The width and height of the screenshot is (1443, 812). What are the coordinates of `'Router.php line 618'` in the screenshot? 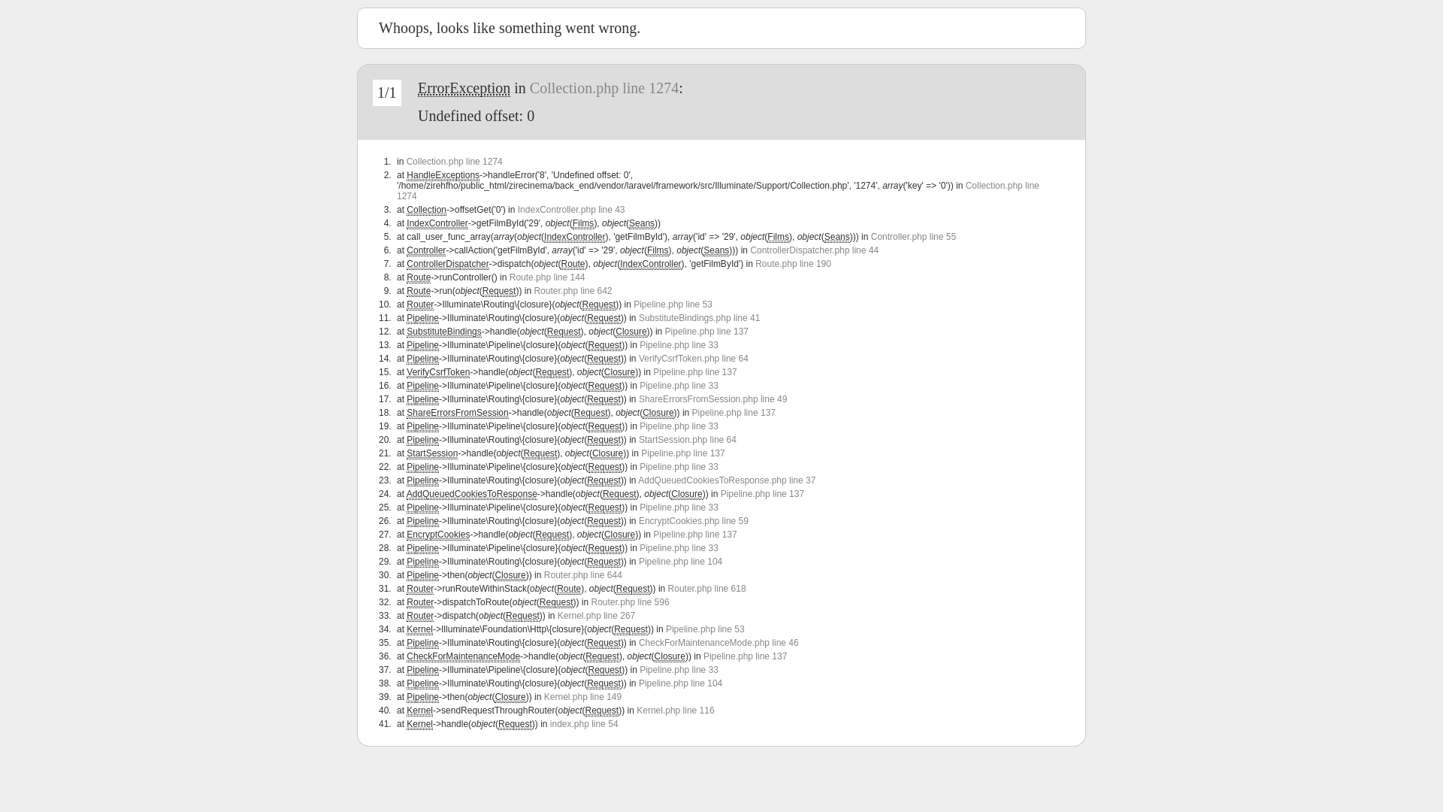 It's located at (667, 588).